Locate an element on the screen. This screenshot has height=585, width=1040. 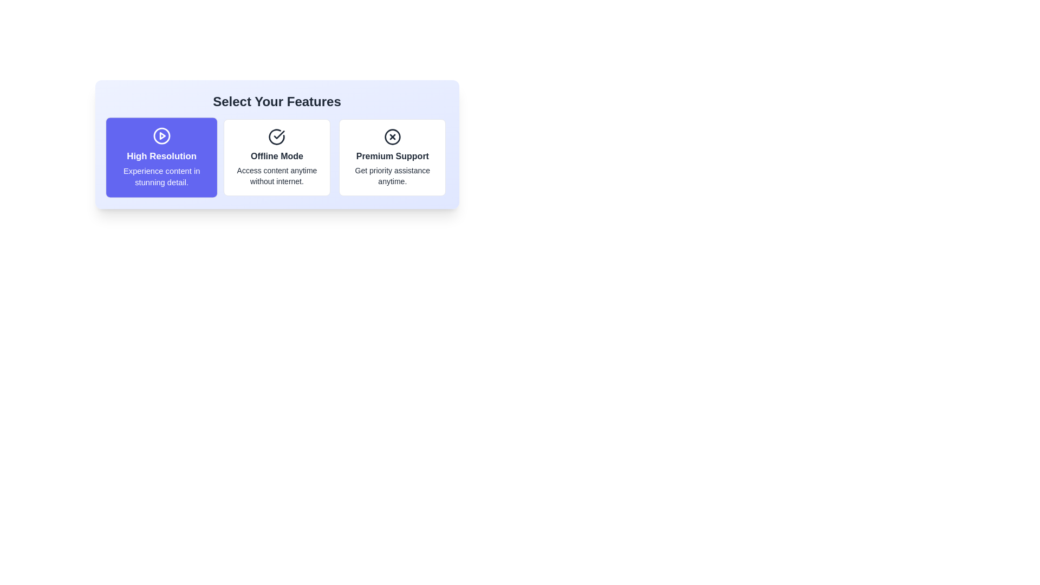
the play/start icon located in the upper section of the 'High Resolution' card, which is centrally aligned above the 'High Resolution' title text is located at coordinates (161, 135).